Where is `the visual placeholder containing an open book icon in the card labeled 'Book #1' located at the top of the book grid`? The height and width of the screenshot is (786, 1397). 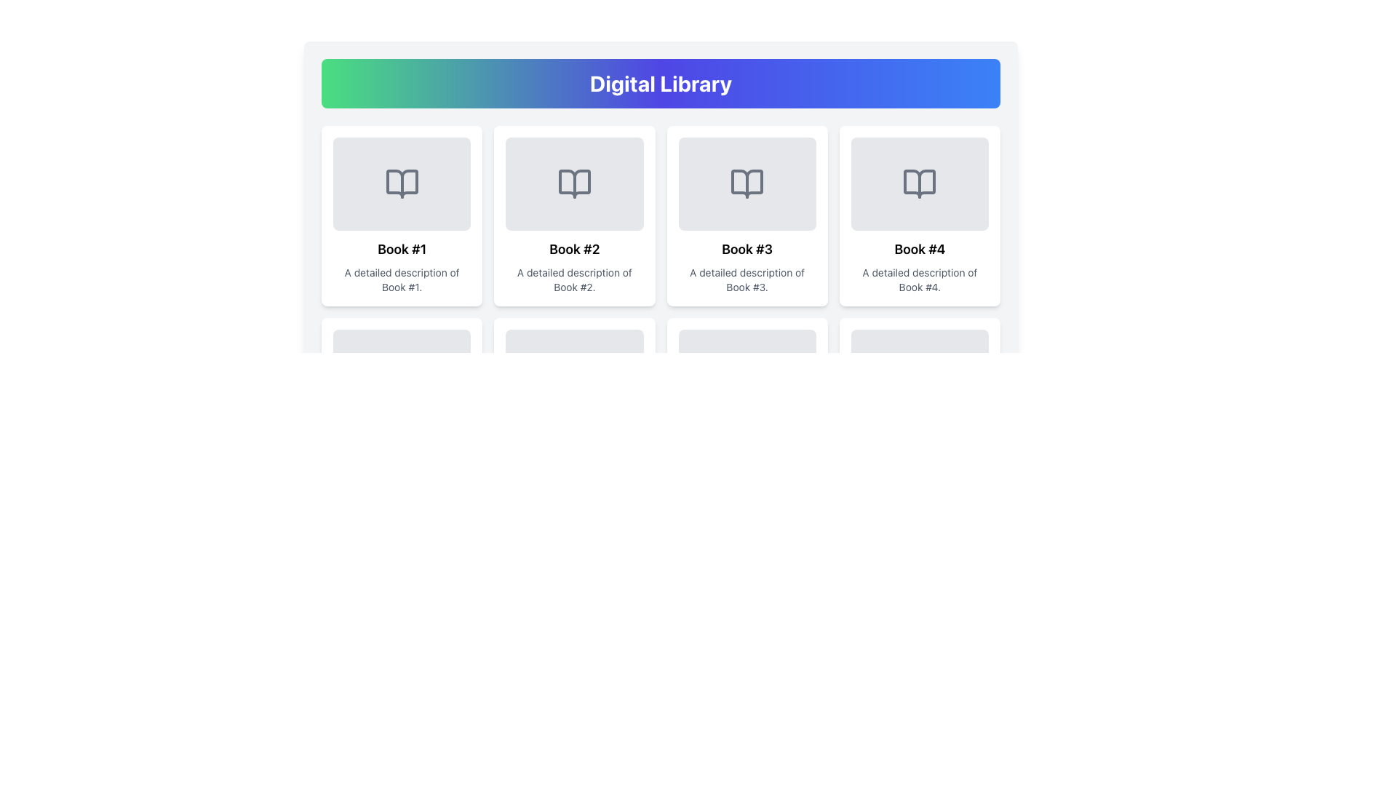
the visual placeholder containing an open book icon in the card labeled 'Book #1' located at the top of the book grid is located at coordinates (402, 183).